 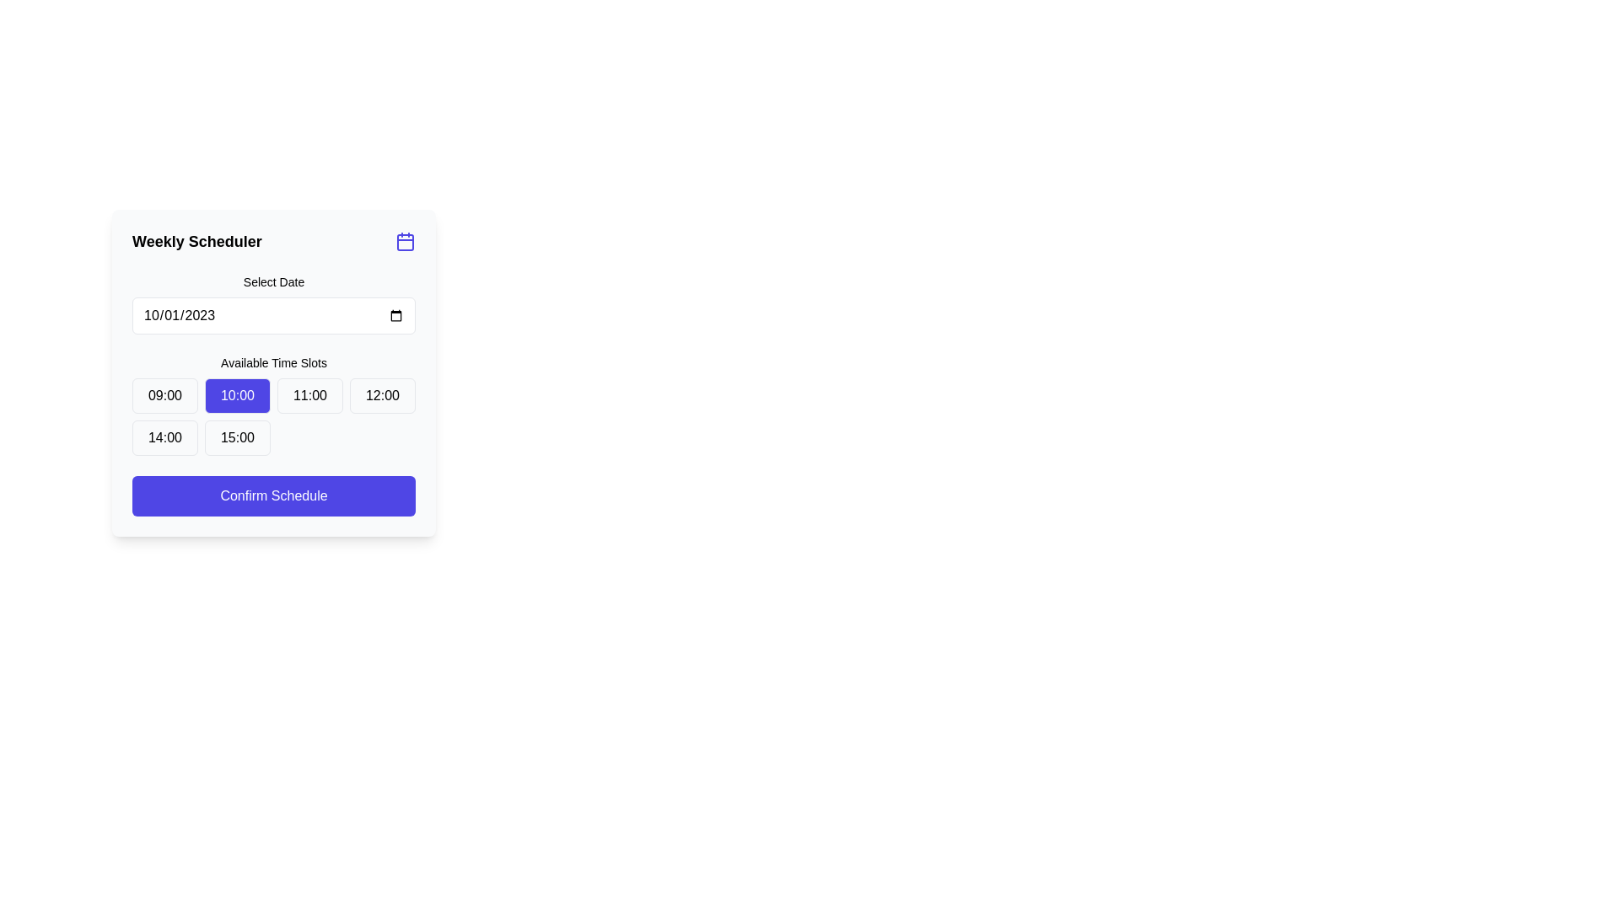 I want to click on the rectangular button labeled '10:00', so click(x=274, y=405).